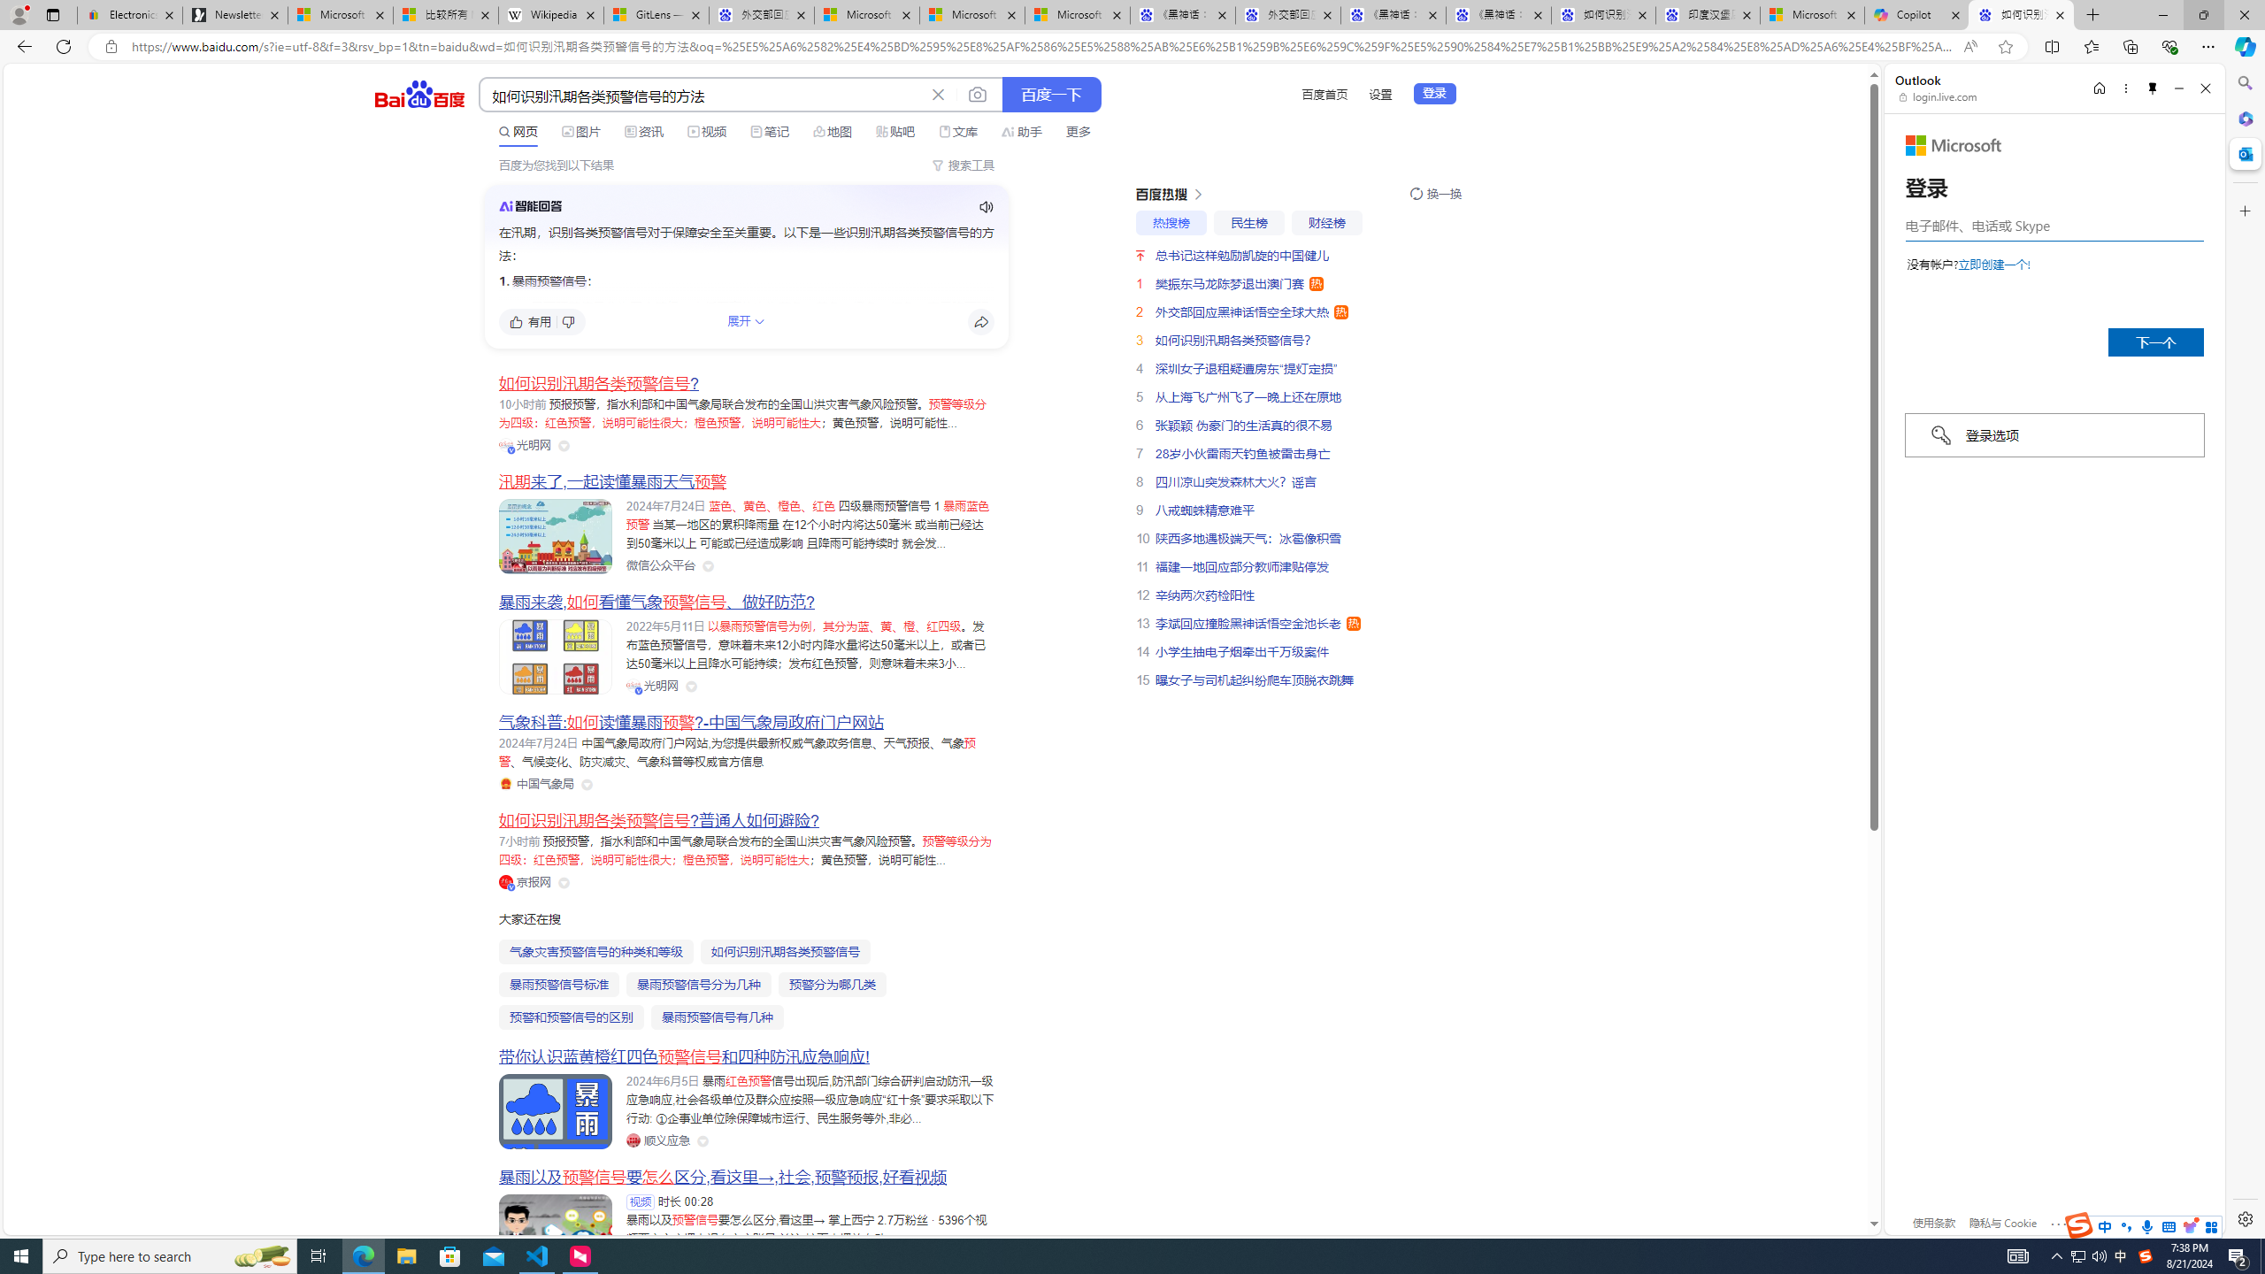 The height and width of the screenshot is (1274, 2265). What do you see at coordinates (1938, 96) in the screenshot?
I see `'login.live.com'` at bounding box center [1938, 96].